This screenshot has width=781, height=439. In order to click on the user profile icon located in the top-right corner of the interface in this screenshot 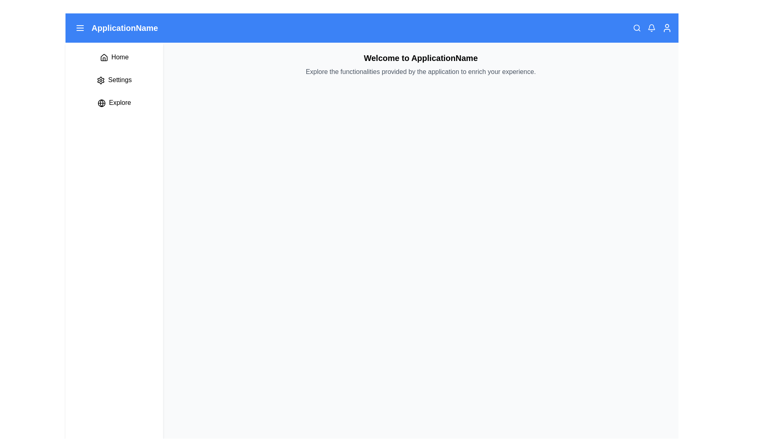, I will do `click(667, 28)`.